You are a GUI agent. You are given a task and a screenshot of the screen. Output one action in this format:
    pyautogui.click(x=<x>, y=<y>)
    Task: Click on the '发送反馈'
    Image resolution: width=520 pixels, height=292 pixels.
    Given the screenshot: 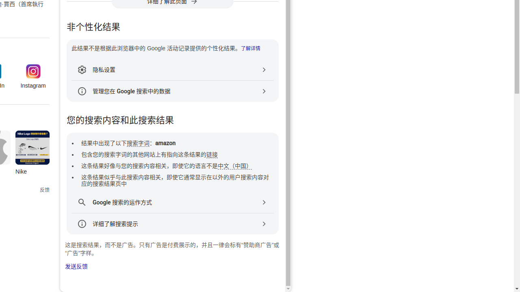 What is the action you would take?
    pyautogui.click(x=76, y=266)
    